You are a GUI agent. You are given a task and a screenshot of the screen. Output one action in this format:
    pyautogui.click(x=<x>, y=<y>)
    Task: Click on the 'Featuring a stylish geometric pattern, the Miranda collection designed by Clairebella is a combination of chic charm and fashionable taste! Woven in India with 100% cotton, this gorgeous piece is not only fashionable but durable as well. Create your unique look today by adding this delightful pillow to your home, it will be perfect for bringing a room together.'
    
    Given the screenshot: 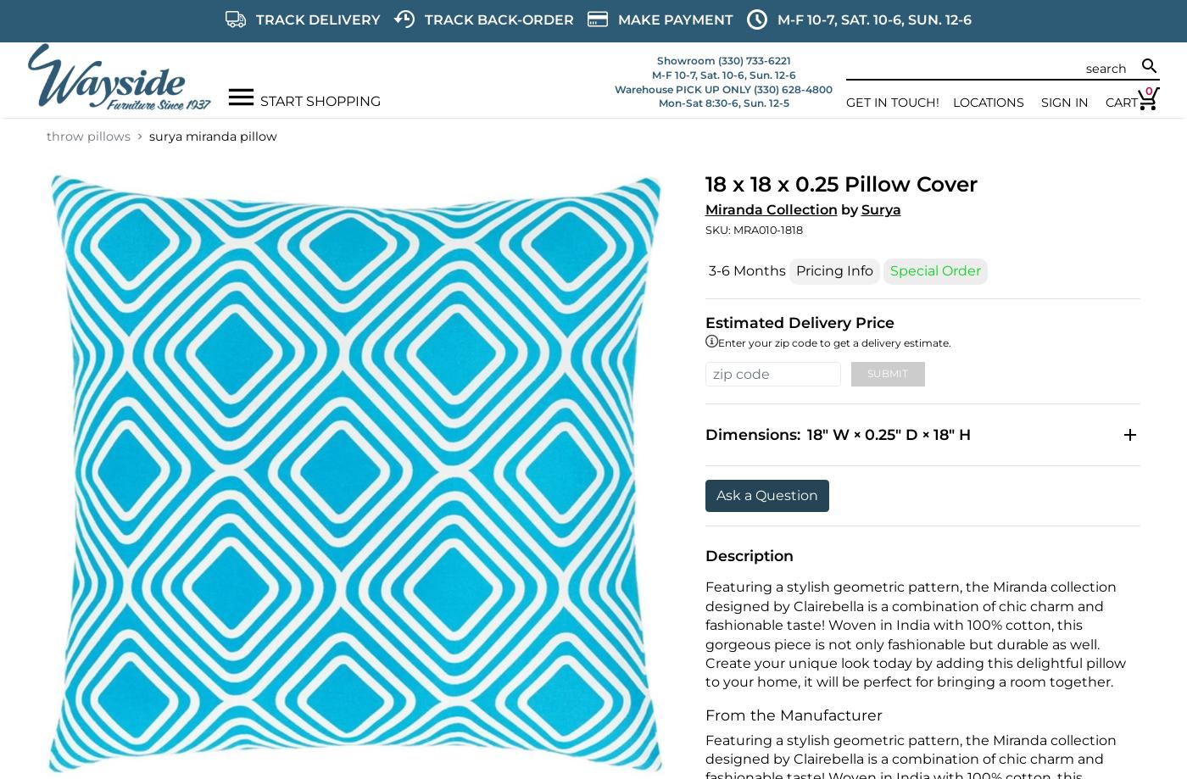 What is the action you would take?
    pyautogui.click(x=914, y=634)
    